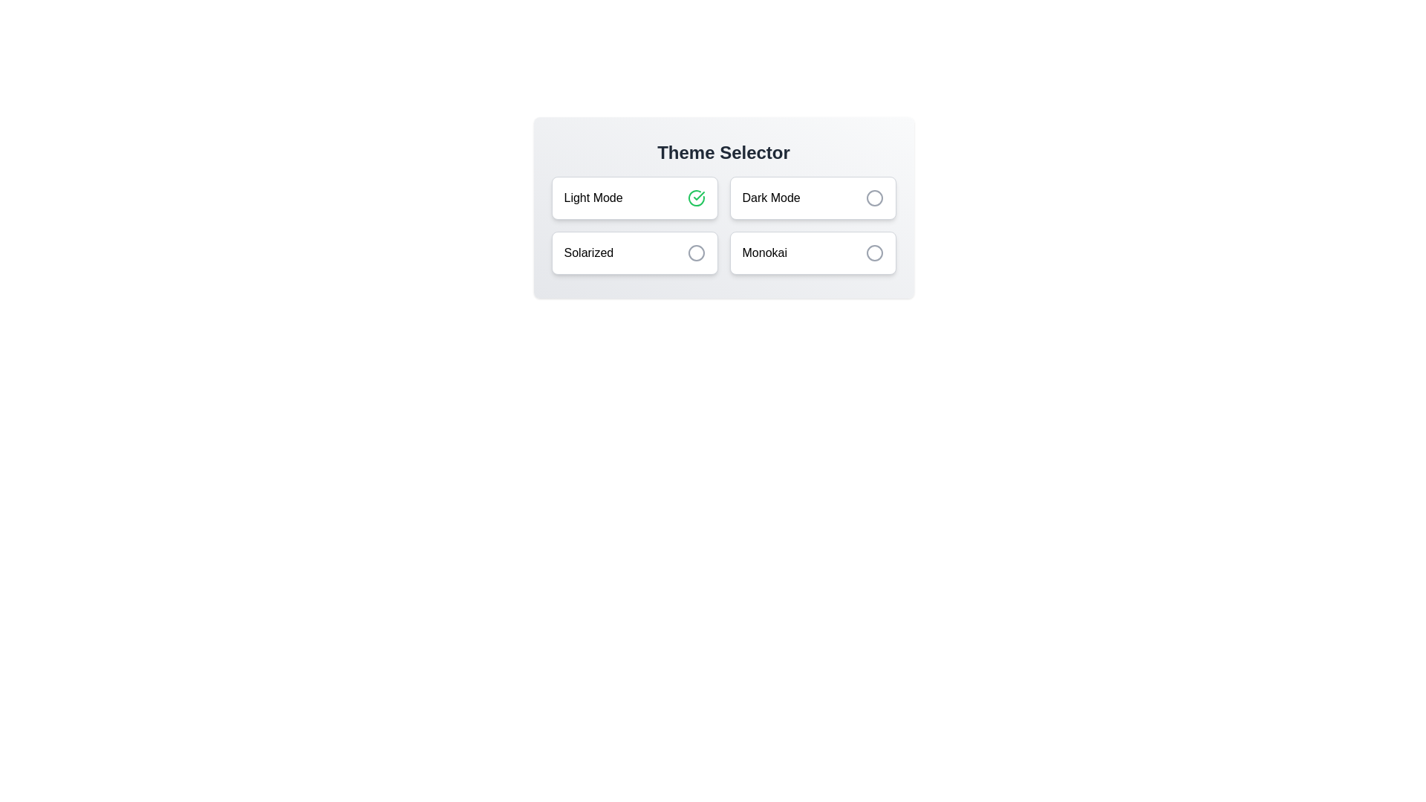 This screenshot has width=1426, height=802. Describe the element at coordinates (812, 197) in the screenshot. I see `the button corresponding to the theme Dark Mode` at that location.